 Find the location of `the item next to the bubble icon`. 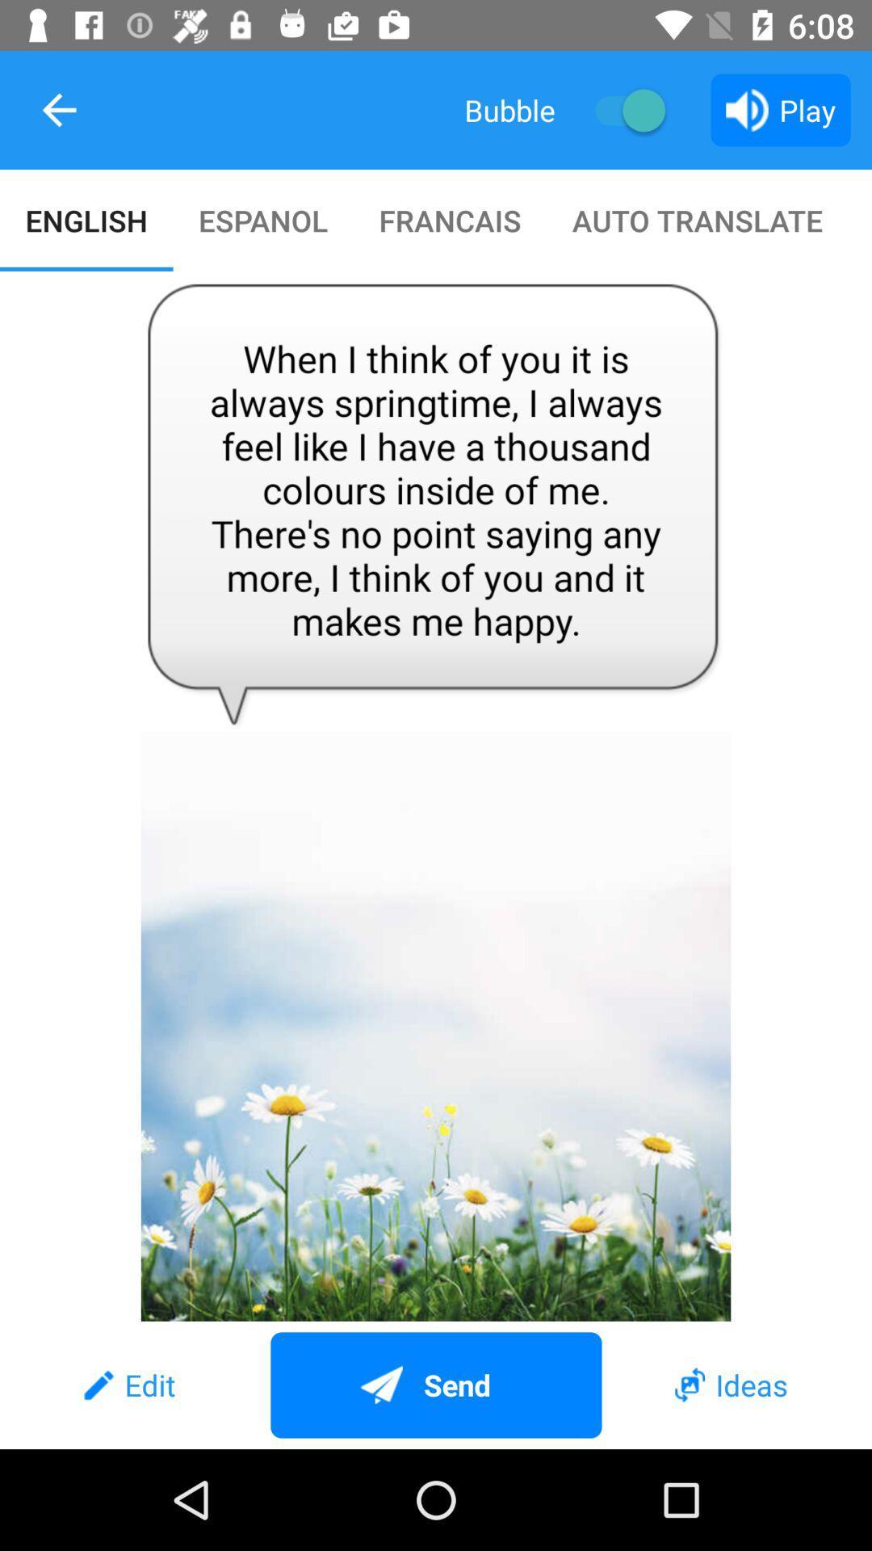

the item next to the bubble icon is located at coordinates (622, 109).